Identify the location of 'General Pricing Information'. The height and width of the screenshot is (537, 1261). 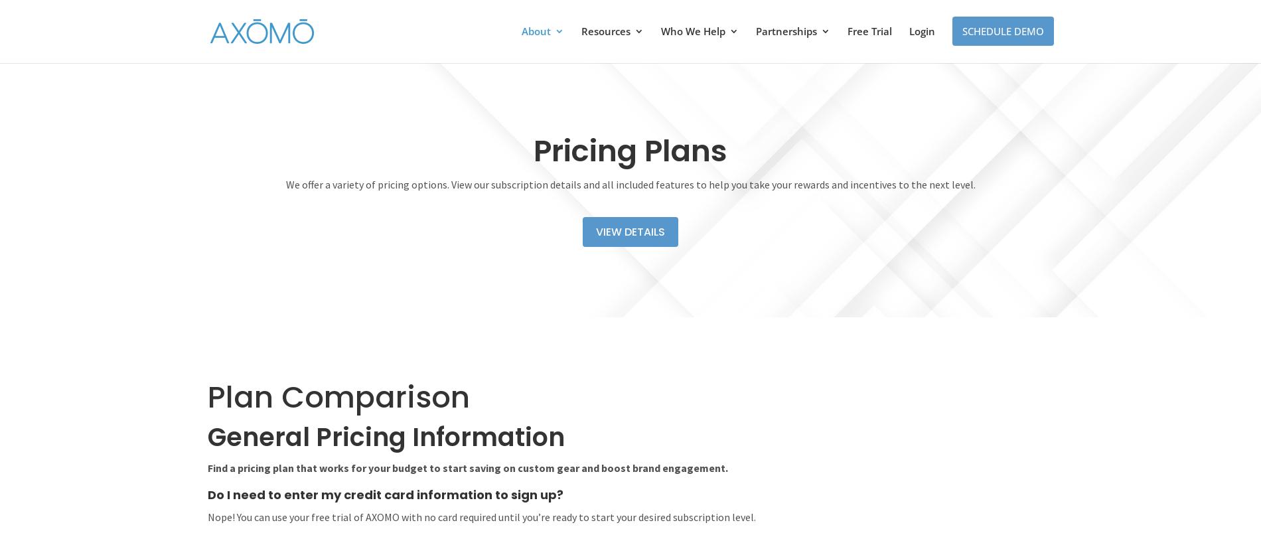
(386, 437).